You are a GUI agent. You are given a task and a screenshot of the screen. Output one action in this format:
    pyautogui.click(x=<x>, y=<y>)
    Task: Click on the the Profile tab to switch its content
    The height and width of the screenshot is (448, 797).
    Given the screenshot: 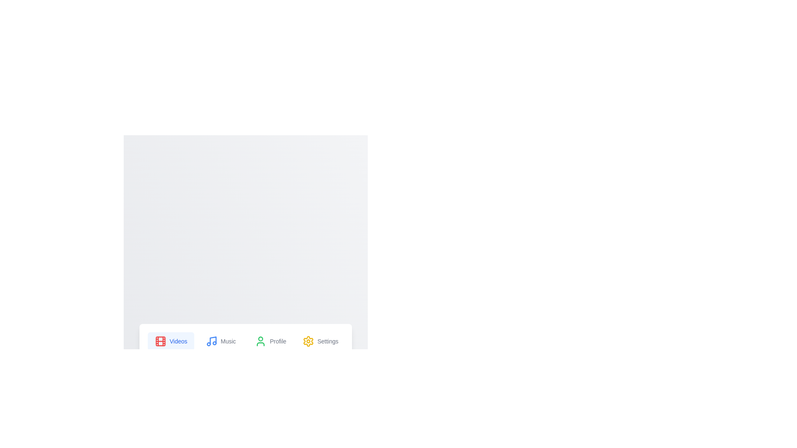 What is the action you would take?
    pyautogui.click(x=271, y=341)
    